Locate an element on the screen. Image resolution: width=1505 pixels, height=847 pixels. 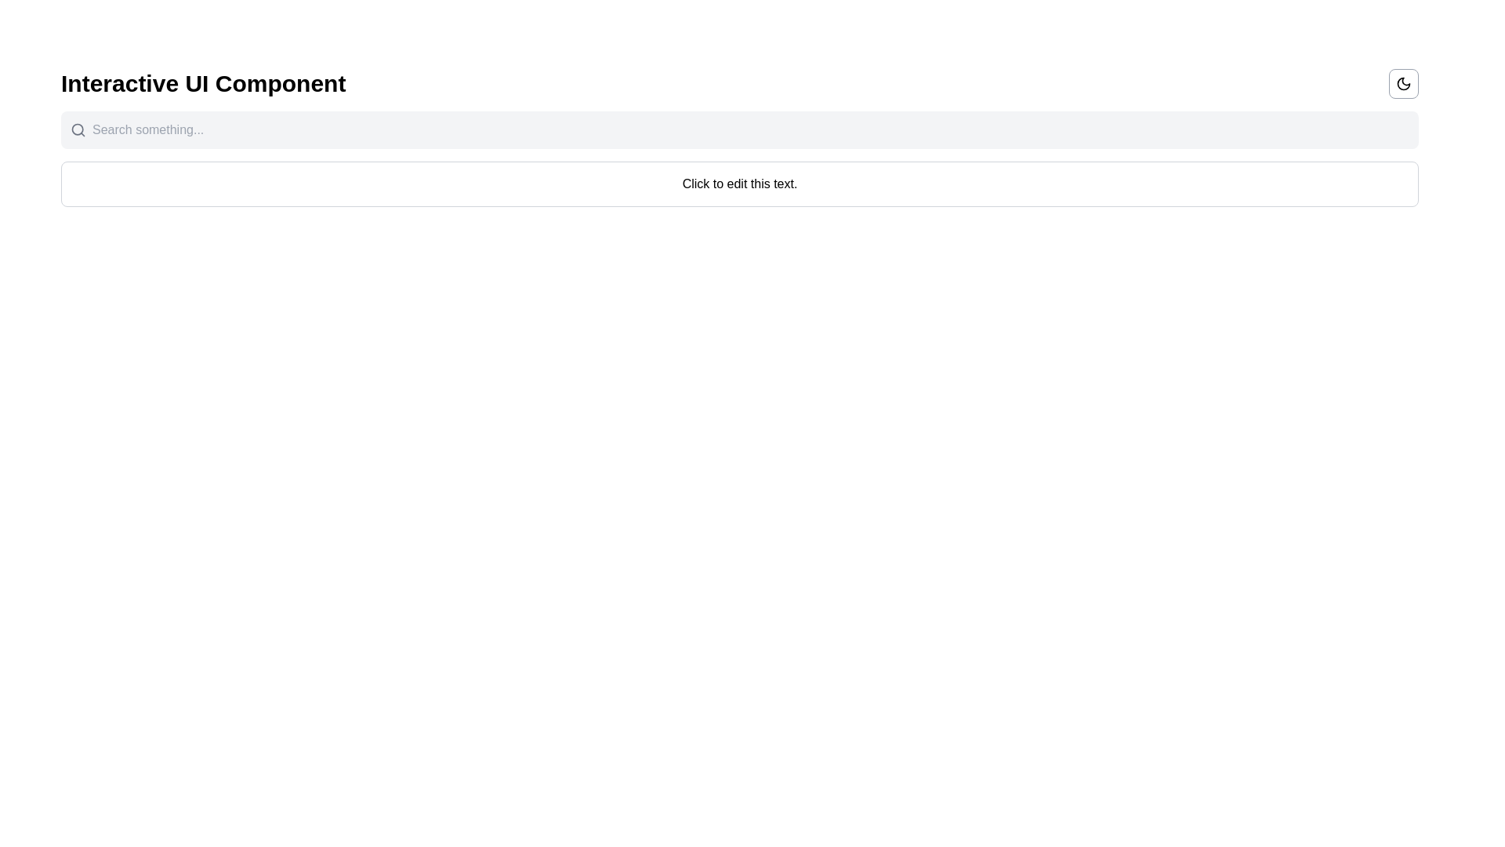
the Editable Text Section that prompts the user with 'Click to edit this text.' is located at coordinates (739, 184).